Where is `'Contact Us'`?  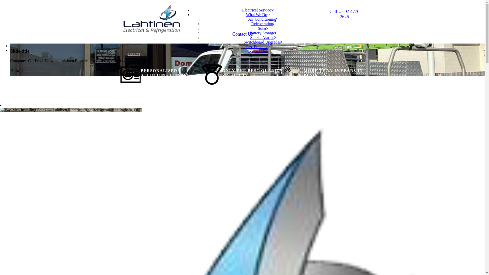
'Contact Us' is located at coordinates (242, 34).